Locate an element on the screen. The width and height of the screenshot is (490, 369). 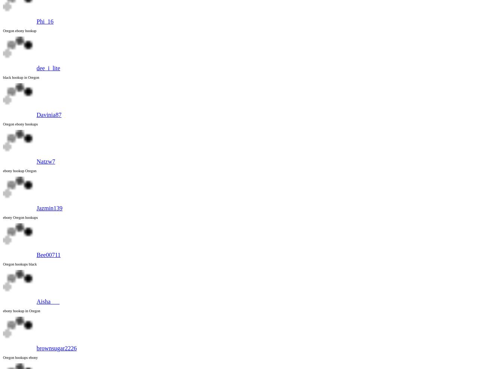
'Aisha___' is located at coordinates (48, 301).